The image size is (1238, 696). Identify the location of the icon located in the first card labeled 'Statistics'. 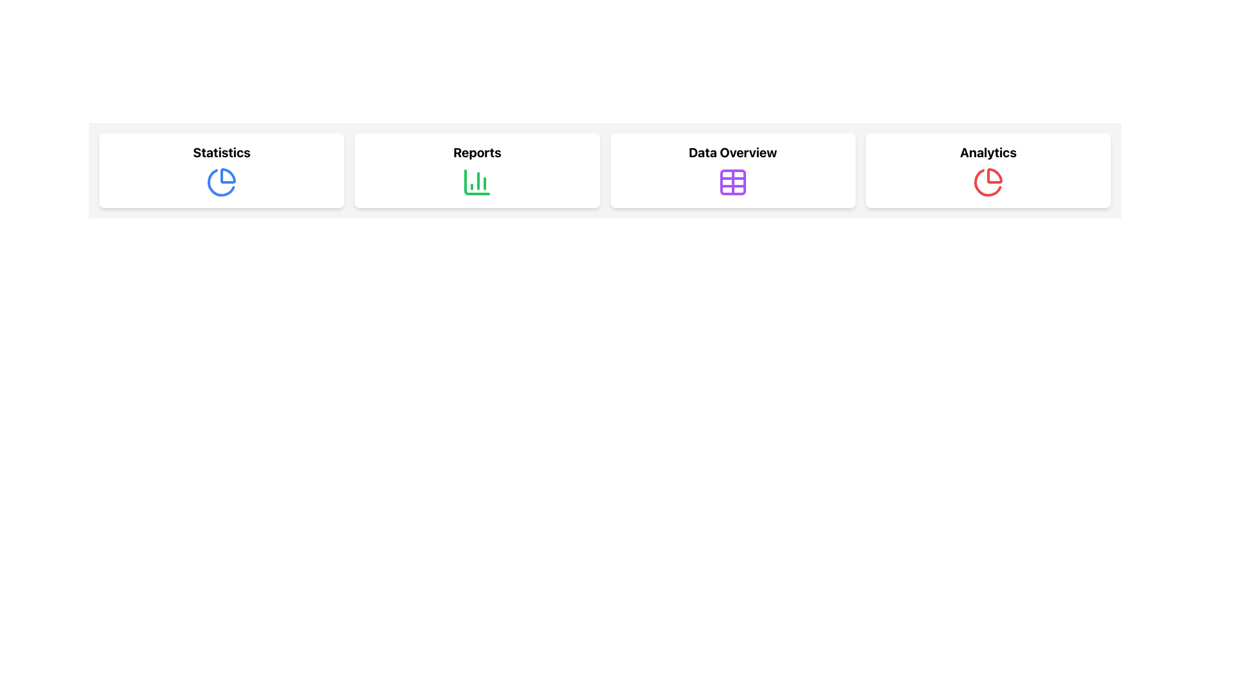
(222, 182).